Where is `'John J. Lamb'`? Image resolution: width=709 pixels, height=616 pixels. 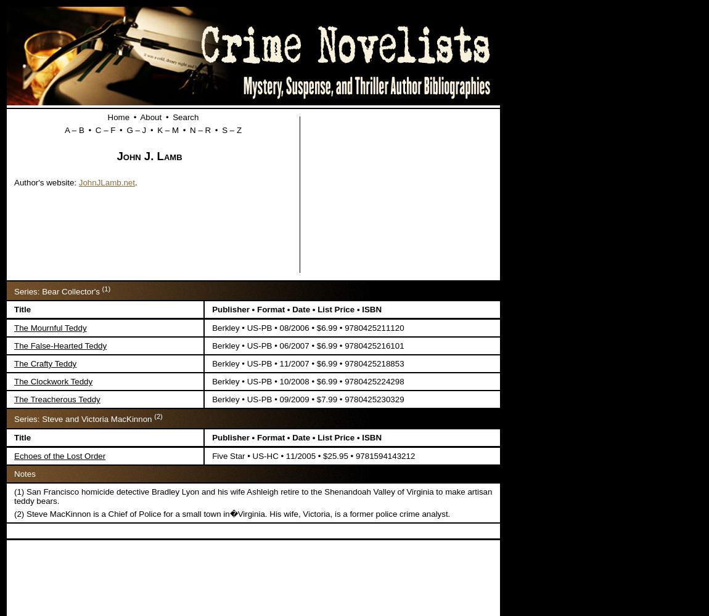 'John J. Lamb' is located at coordinates (148, 156).